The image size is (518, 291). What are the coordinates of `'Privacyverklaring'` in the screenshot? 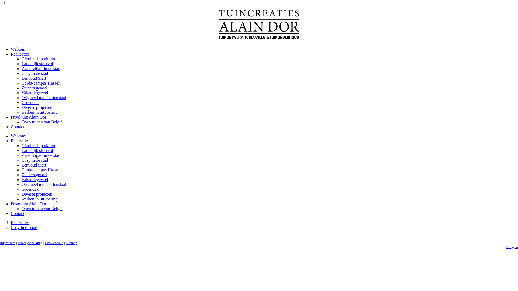 It's located at (30, 243).